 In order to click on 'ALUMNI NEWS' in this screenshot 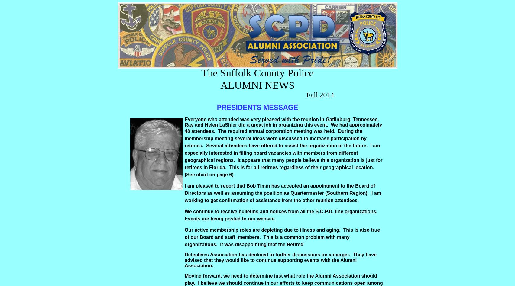, I will do `click(257, 85)`.